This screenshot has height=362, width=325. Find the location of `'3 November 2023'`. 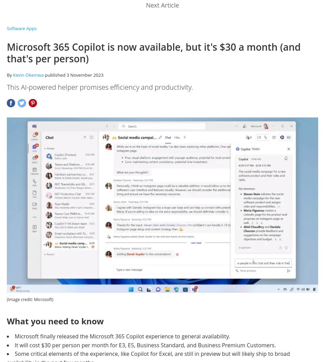

'3 November 2023' is located at coordinates (84, 75).